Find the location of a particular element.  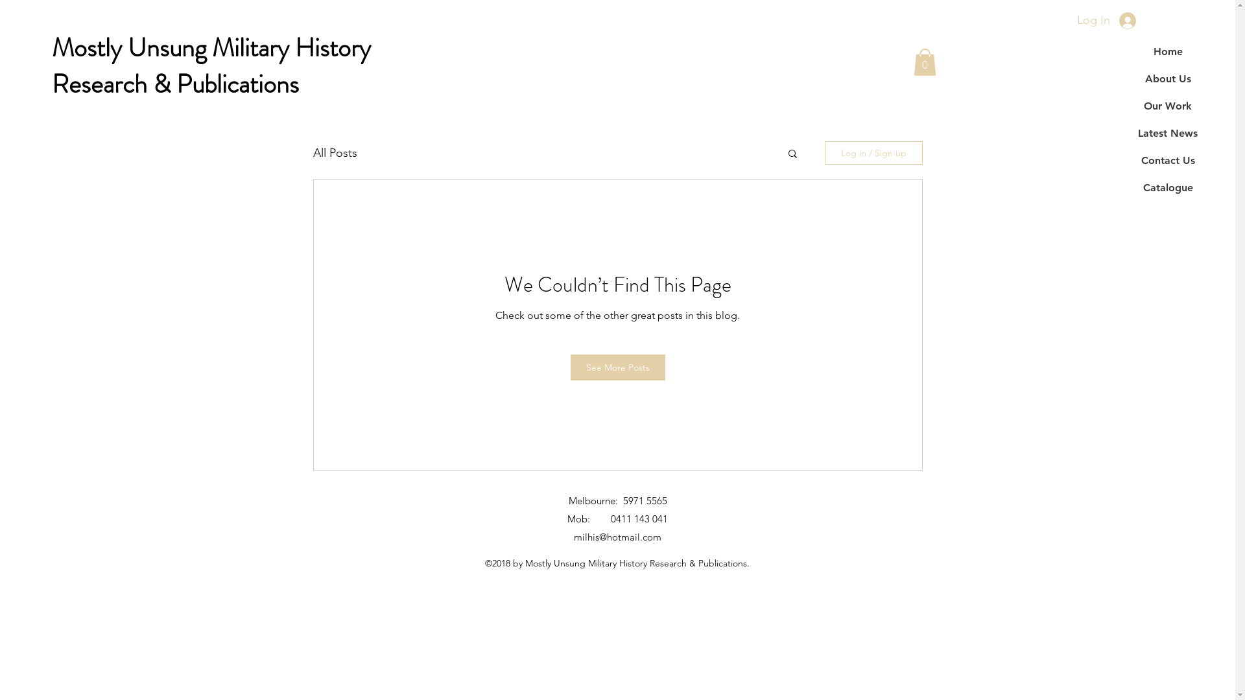

'See More Posts' is located at coordinates (617, 367).